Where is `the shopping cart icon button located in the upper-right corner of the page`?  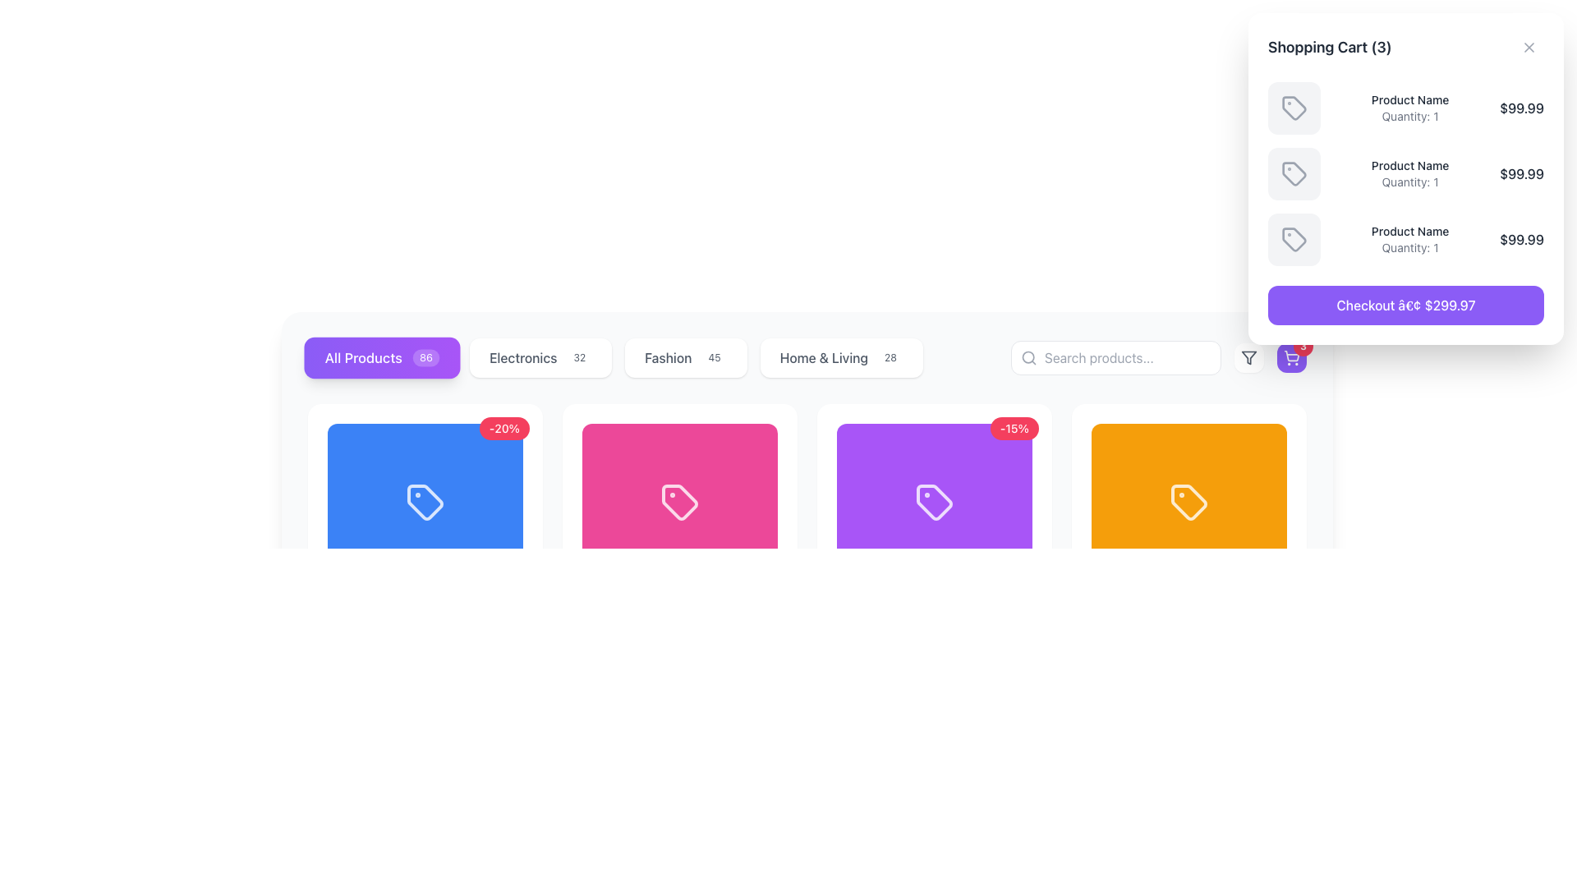
the shopping cart icon button located in the upper-right corner of the page is located at coordinates (1291, 356).